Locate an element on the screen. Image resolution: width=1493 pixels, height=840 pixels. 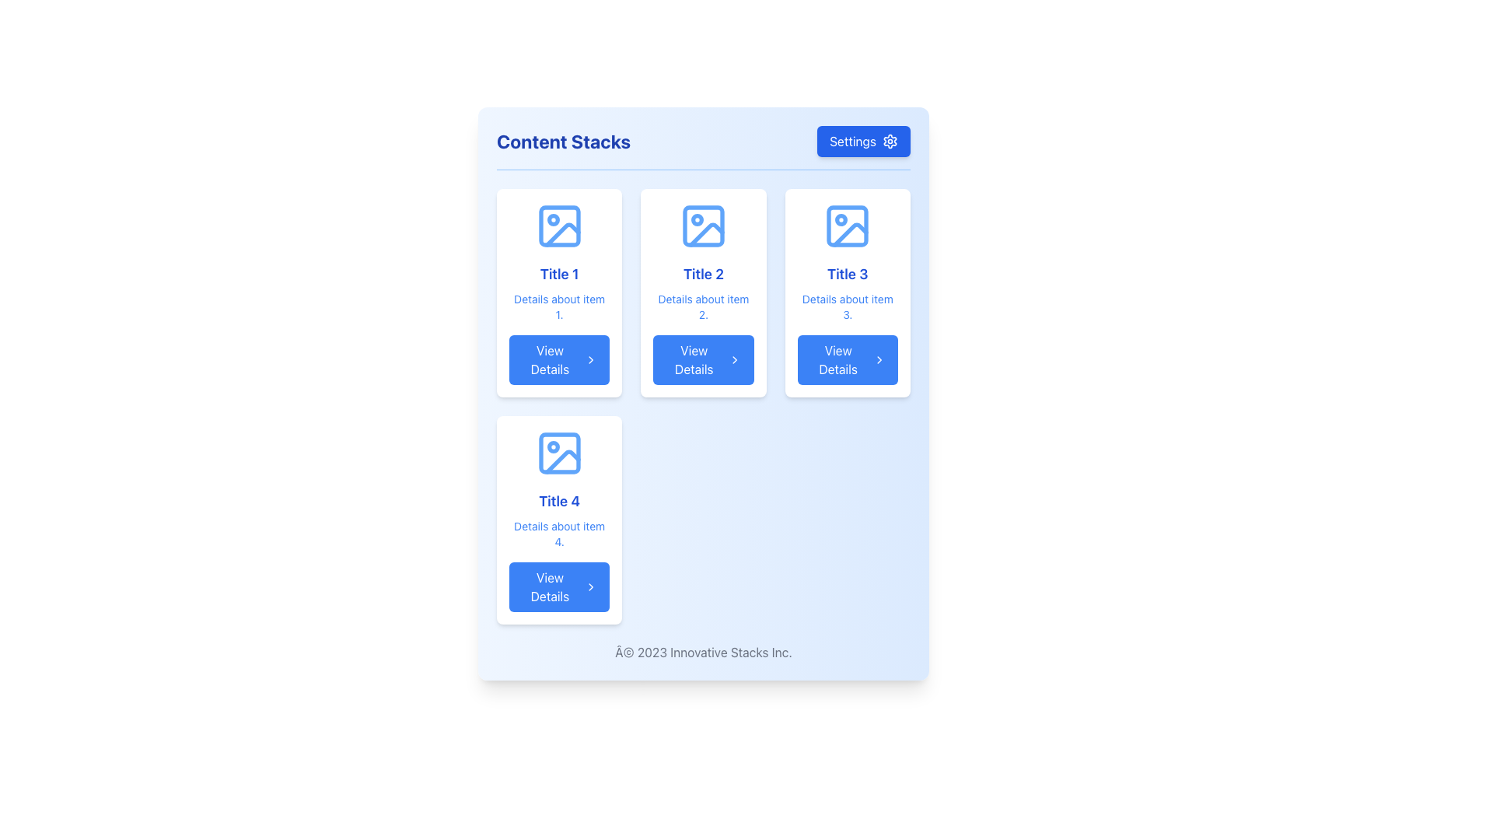
the small circular SVG element inside the second card labeled 'Title 2' in the grid of items, which is part of an icon positioned at the top of the card is located at coordinates (697, 219).